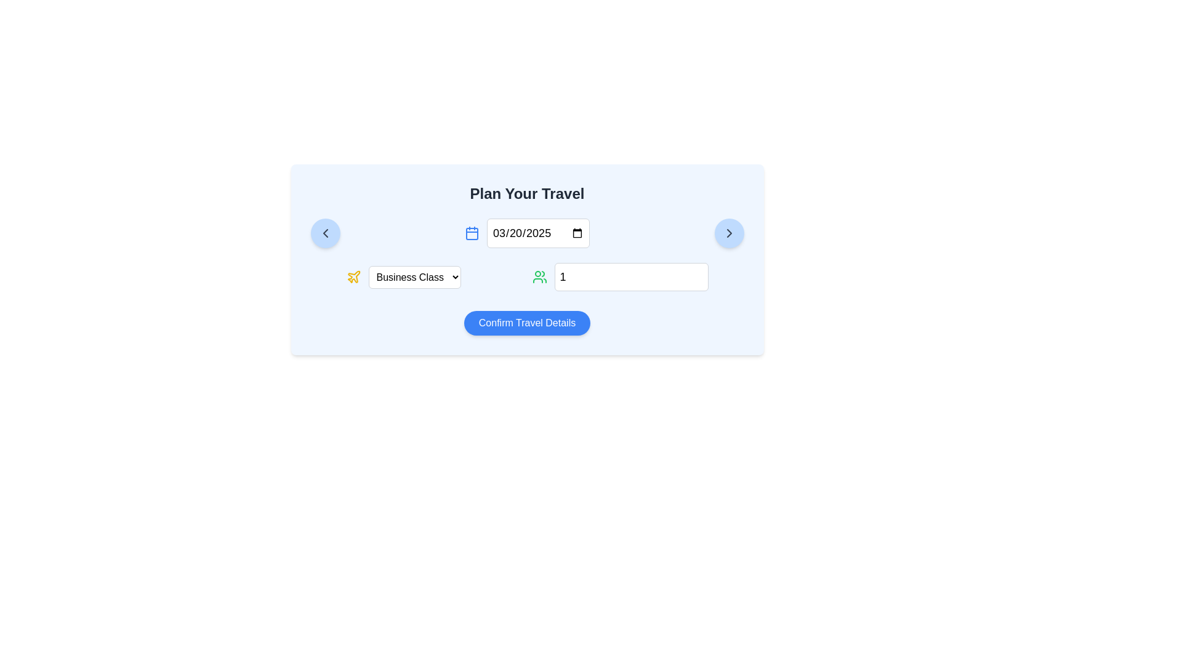 This screenshot has width=1182, height=665. What do you see at coordinates (631, 277) in the screenshot?
I see `the Number input field located in the bottom-right section of the 'Plan Your Travel' form to focus on it for inputting a numerical value for passenger count` at bounding box center [631, 277].